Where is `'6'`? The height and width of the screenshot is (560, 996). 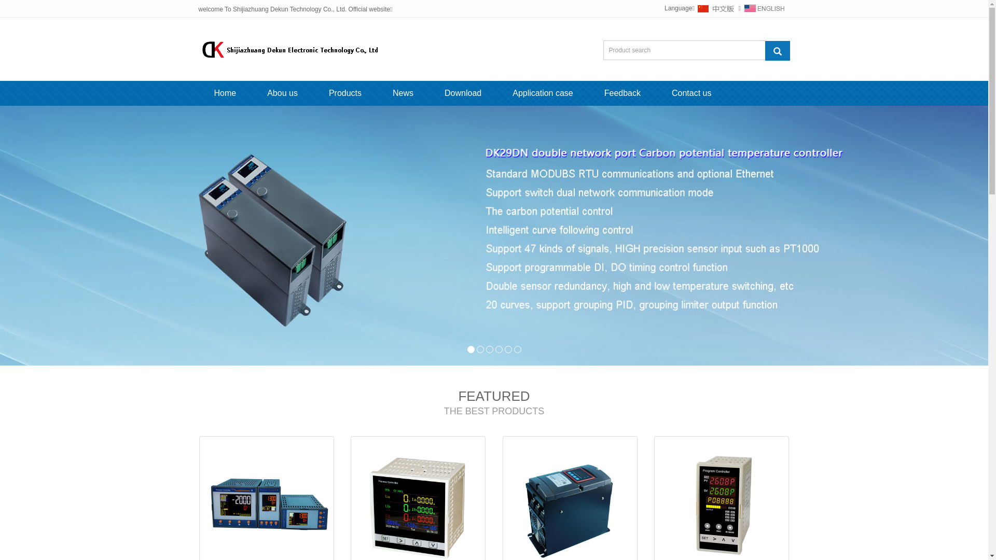 '6' is located at coordinates (517, 349).